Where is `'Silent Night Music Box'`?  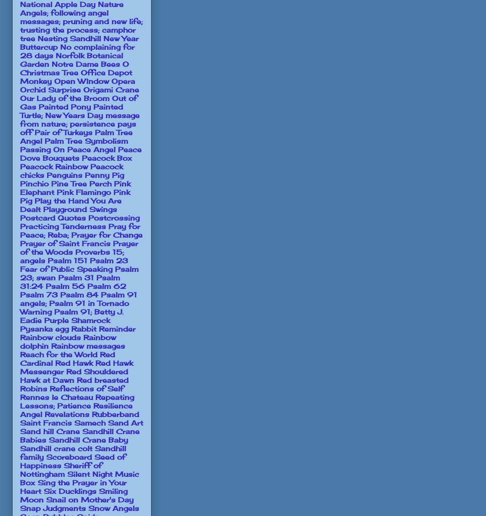
'Silent Night Music Box' is located at coordinates (79, 478).